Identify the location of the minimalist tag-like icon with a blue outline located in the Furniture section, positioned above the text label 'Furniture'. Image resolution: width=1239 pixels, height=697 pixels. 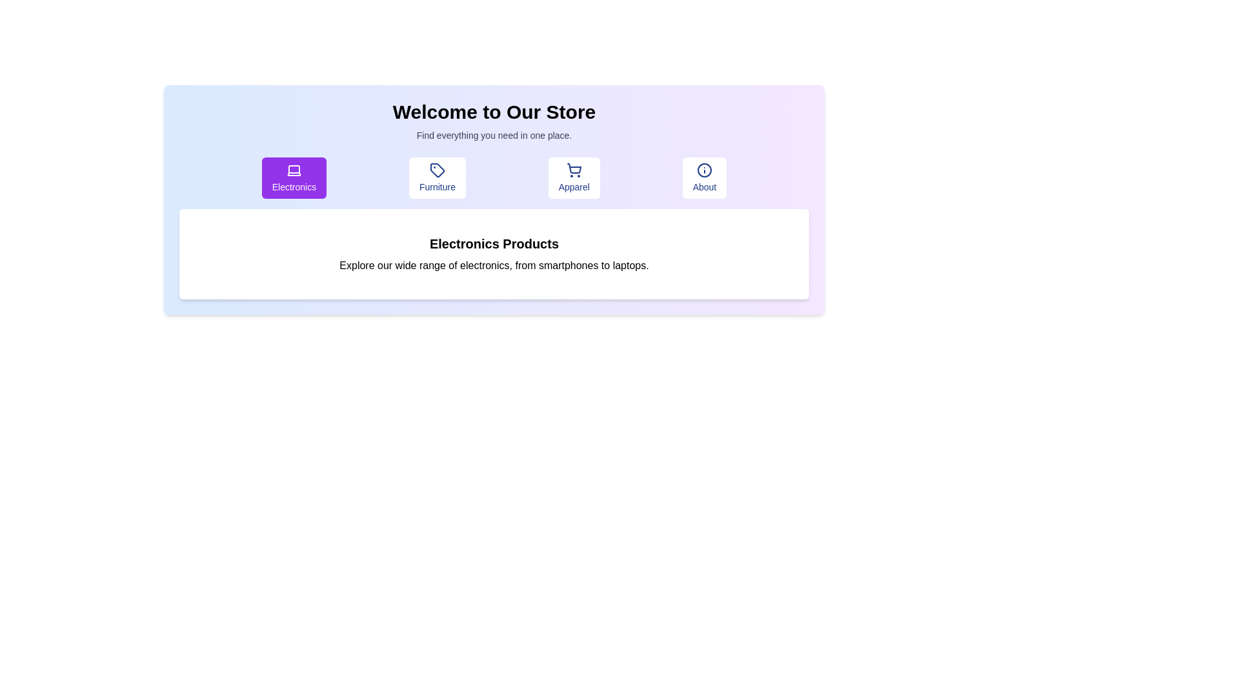
(437, 169).